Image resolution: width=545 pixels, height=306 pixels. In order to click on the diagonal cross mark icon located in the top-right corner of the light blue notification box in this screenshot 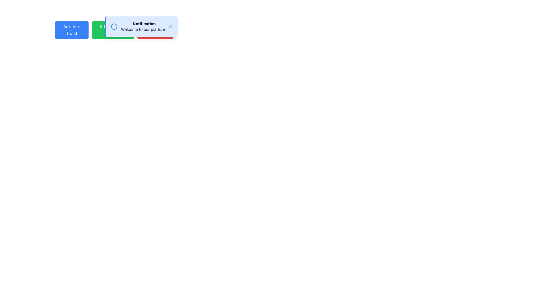, I will do `click(170, 26)`.